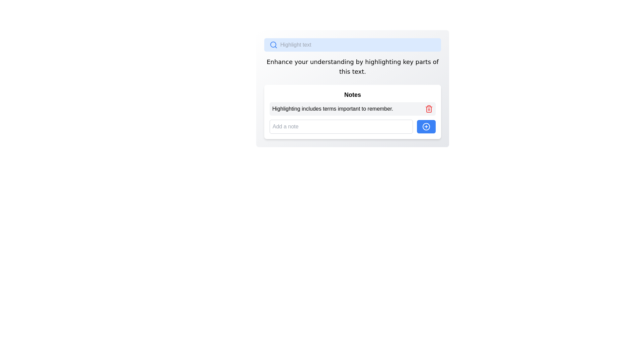 The height and width of the screenshot is (362, 643). I want to click on the letter 's' in the word 'parts' within the sentence 'Enhance your understanding by highlighting key parts of this text.', so click(429, 62).